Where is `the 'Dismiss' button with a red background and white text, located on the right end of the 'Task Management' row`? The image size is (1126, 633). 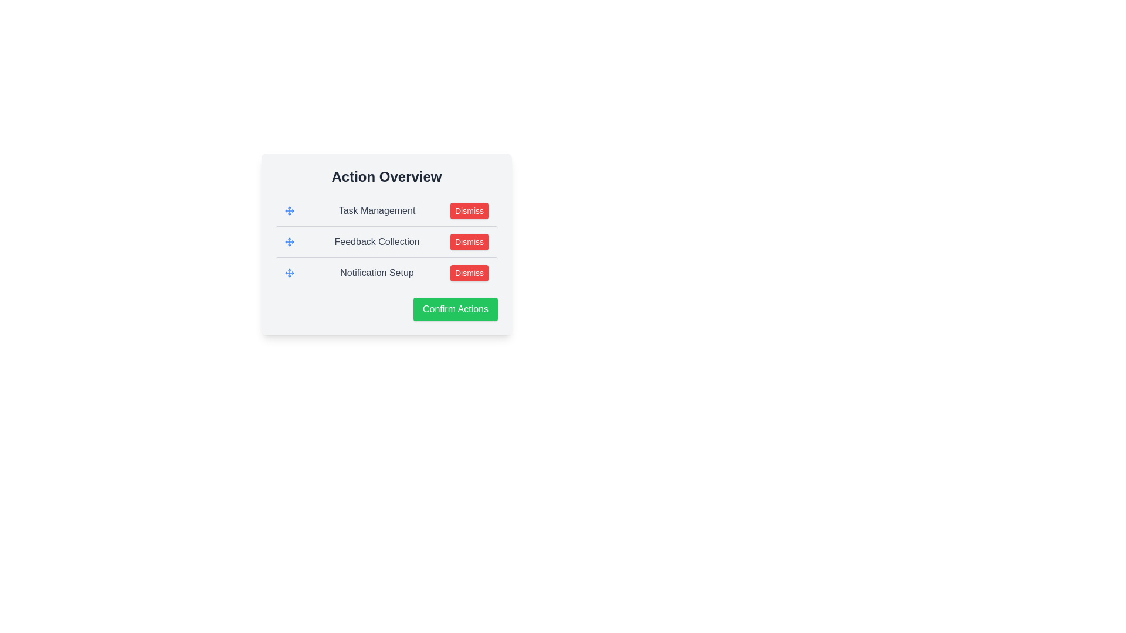
the 'Dismiss' button with a red background and white text, located on the right end of the 'Task Management' row is located at coordinates (469, 210).